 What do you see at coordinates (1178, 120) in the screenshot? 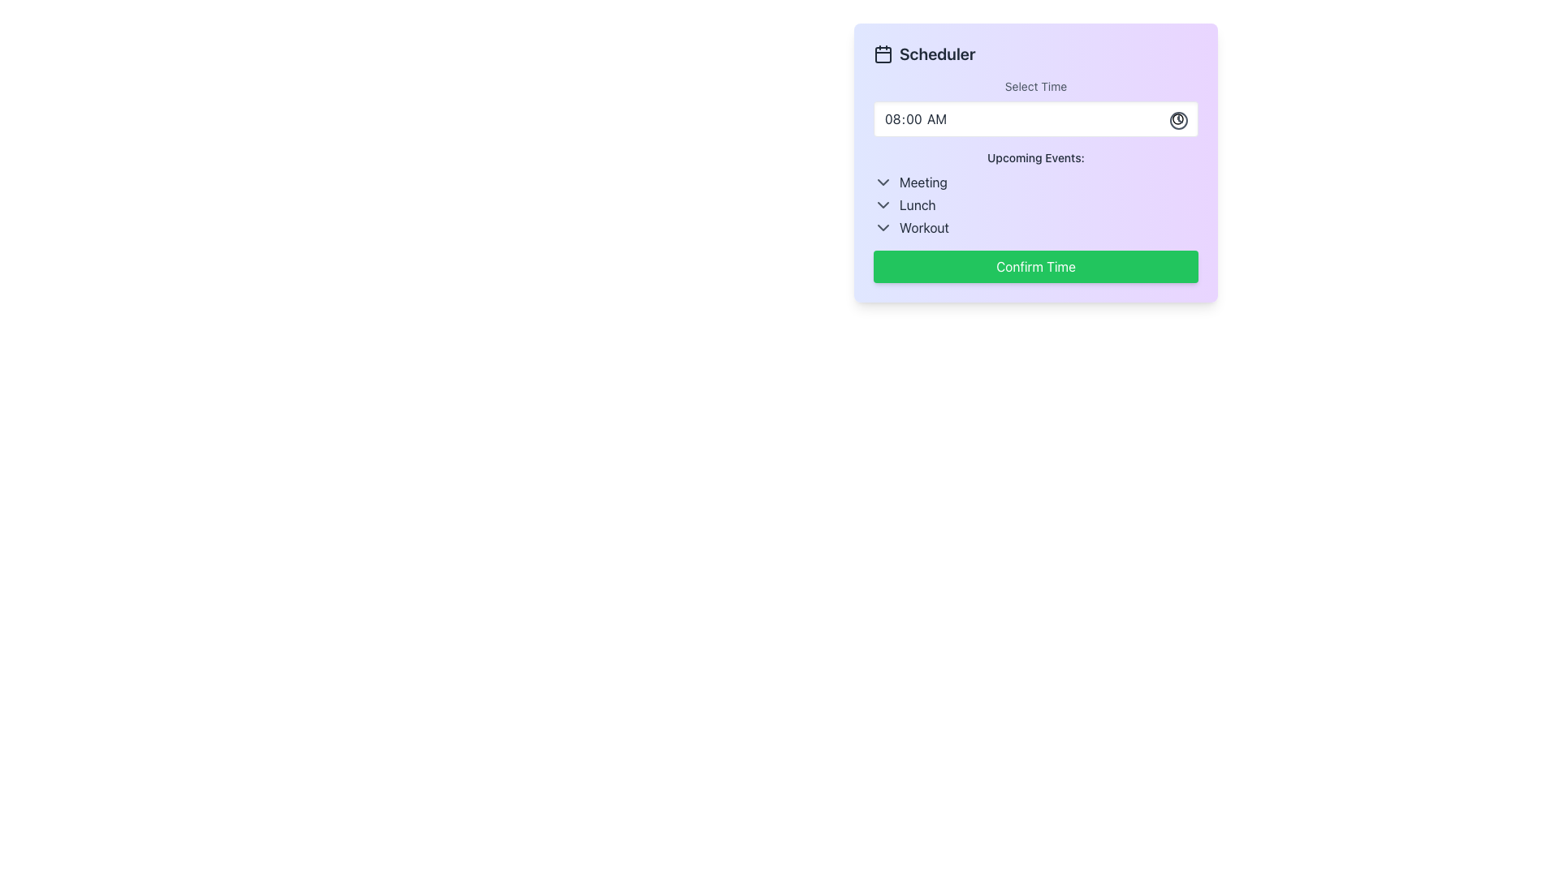
I see `the clock icon located on the right side of the input field labeled '08:00 AM', which serves as a button to trigger a time-picker interface` at bounding box center [1178, 120].